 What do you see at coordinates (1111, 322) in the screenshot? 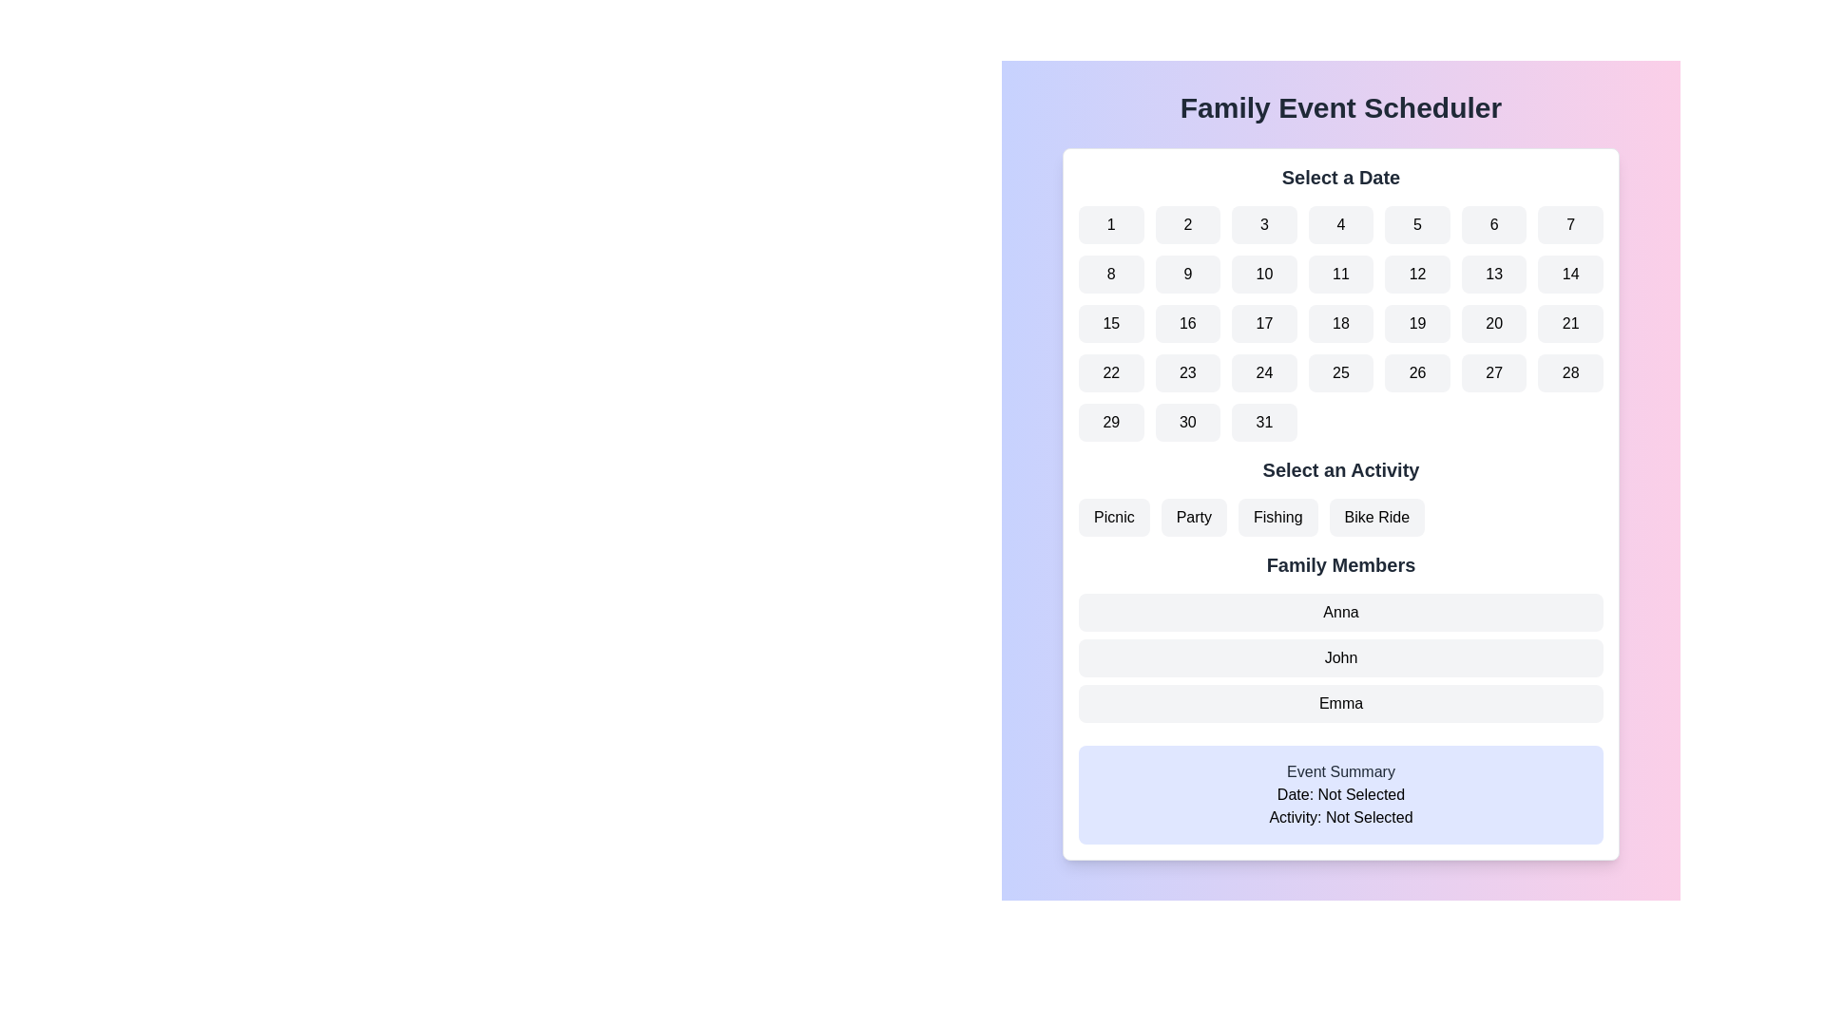
I see `the rectangular button with rounded corners that has the text '15' centered within it` at bounding box center [1111, 322].